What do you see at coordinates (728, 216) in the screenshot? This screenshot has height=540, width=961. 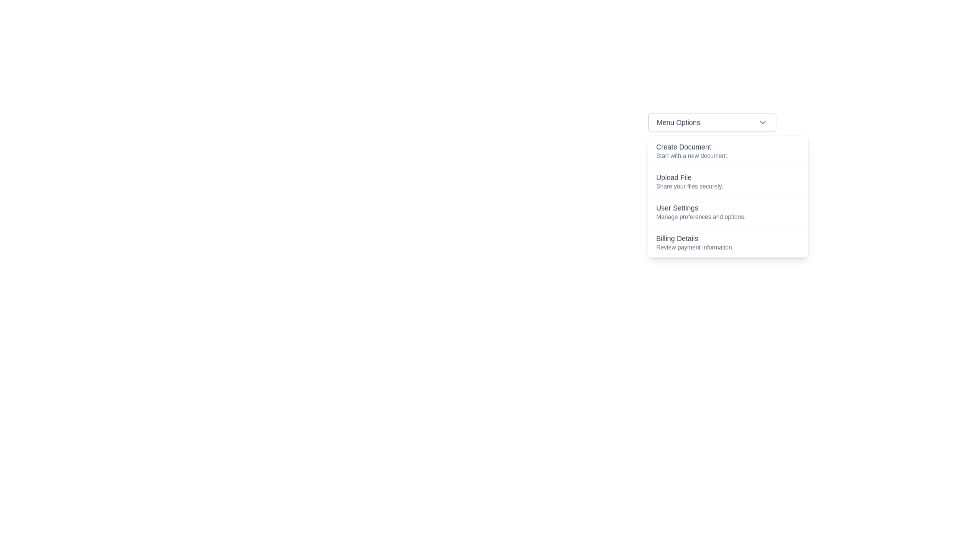 I see `the text label that reads 'Manage preferences and options.' which is positioned directly below the 'User Settings' label in the menu section` at bounding box center [728, 216].